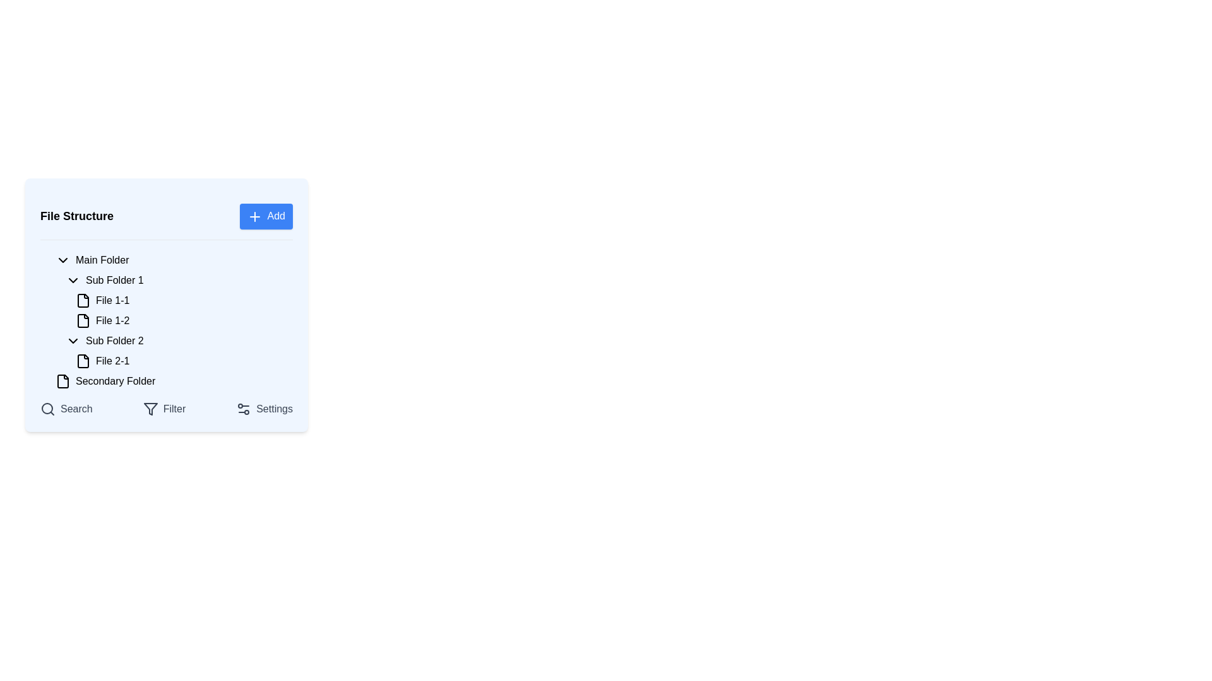  I want to click on the funnel-shaped icon located in the bottom row of icons, which is the second icon from the left, to apply or remove filters, so click(150, 409).